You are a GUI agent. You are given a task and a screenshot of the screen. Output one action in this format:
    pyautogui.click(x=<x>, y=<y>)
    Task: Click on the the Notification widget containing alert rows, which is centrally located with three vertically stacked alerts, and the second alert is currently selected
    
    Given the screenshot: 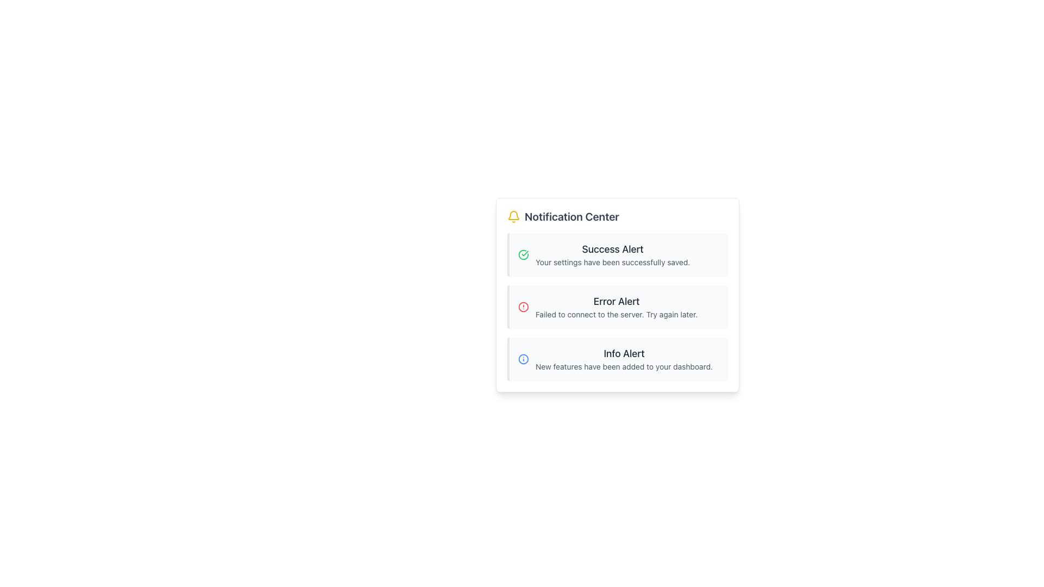 What is the action you would take?
    pyautogui.click(x=618, y=295)
    